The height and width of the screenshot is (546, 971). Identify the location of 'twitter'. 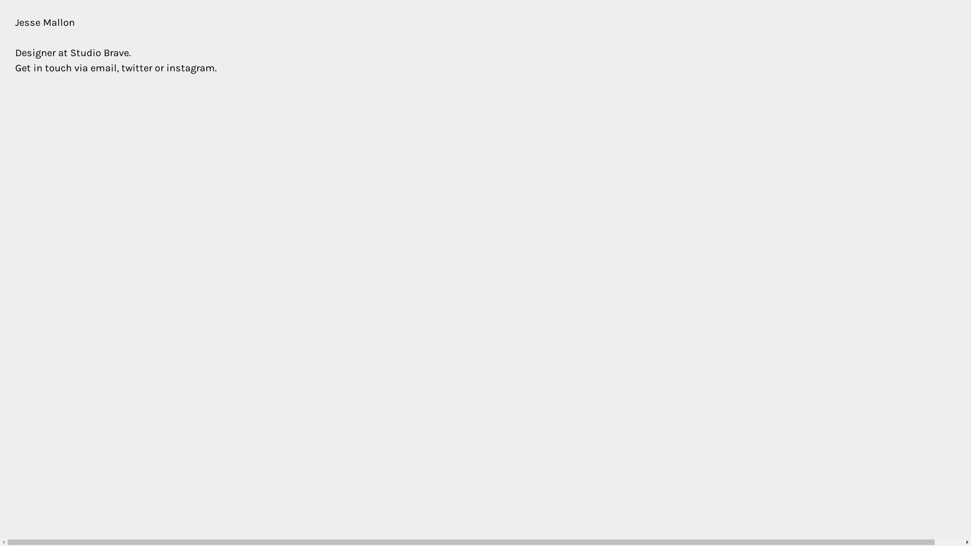
(121, 68).